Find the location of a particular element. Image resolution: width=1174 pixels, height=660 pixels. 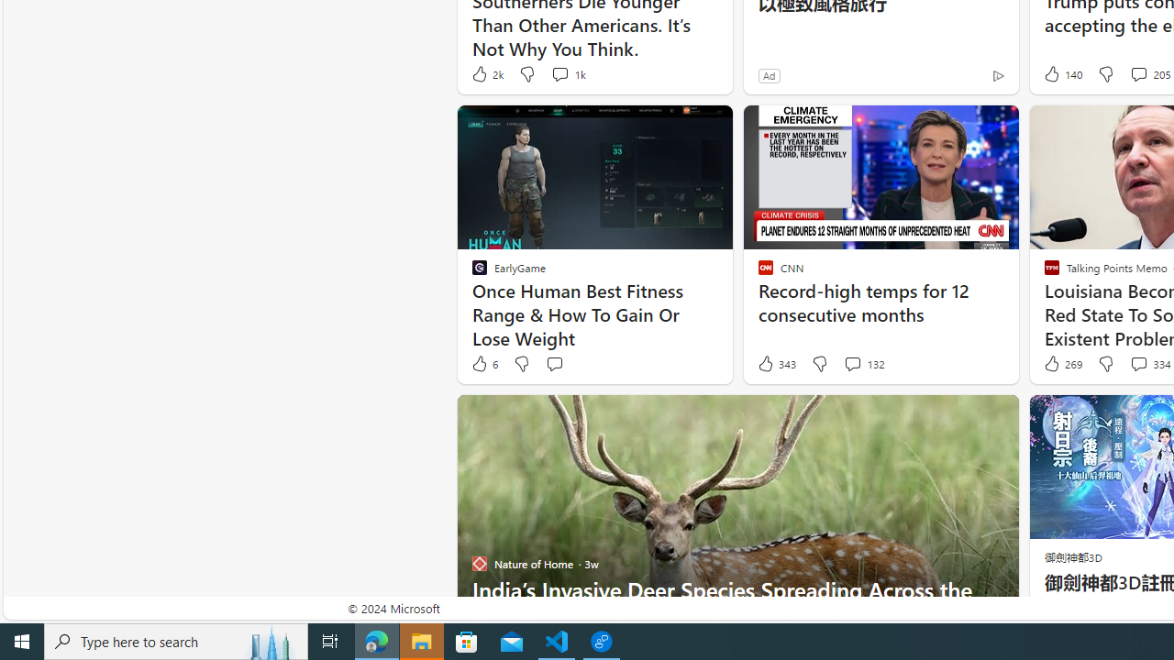

'View comments 132 Comment' is located at coordinates (851, 364).